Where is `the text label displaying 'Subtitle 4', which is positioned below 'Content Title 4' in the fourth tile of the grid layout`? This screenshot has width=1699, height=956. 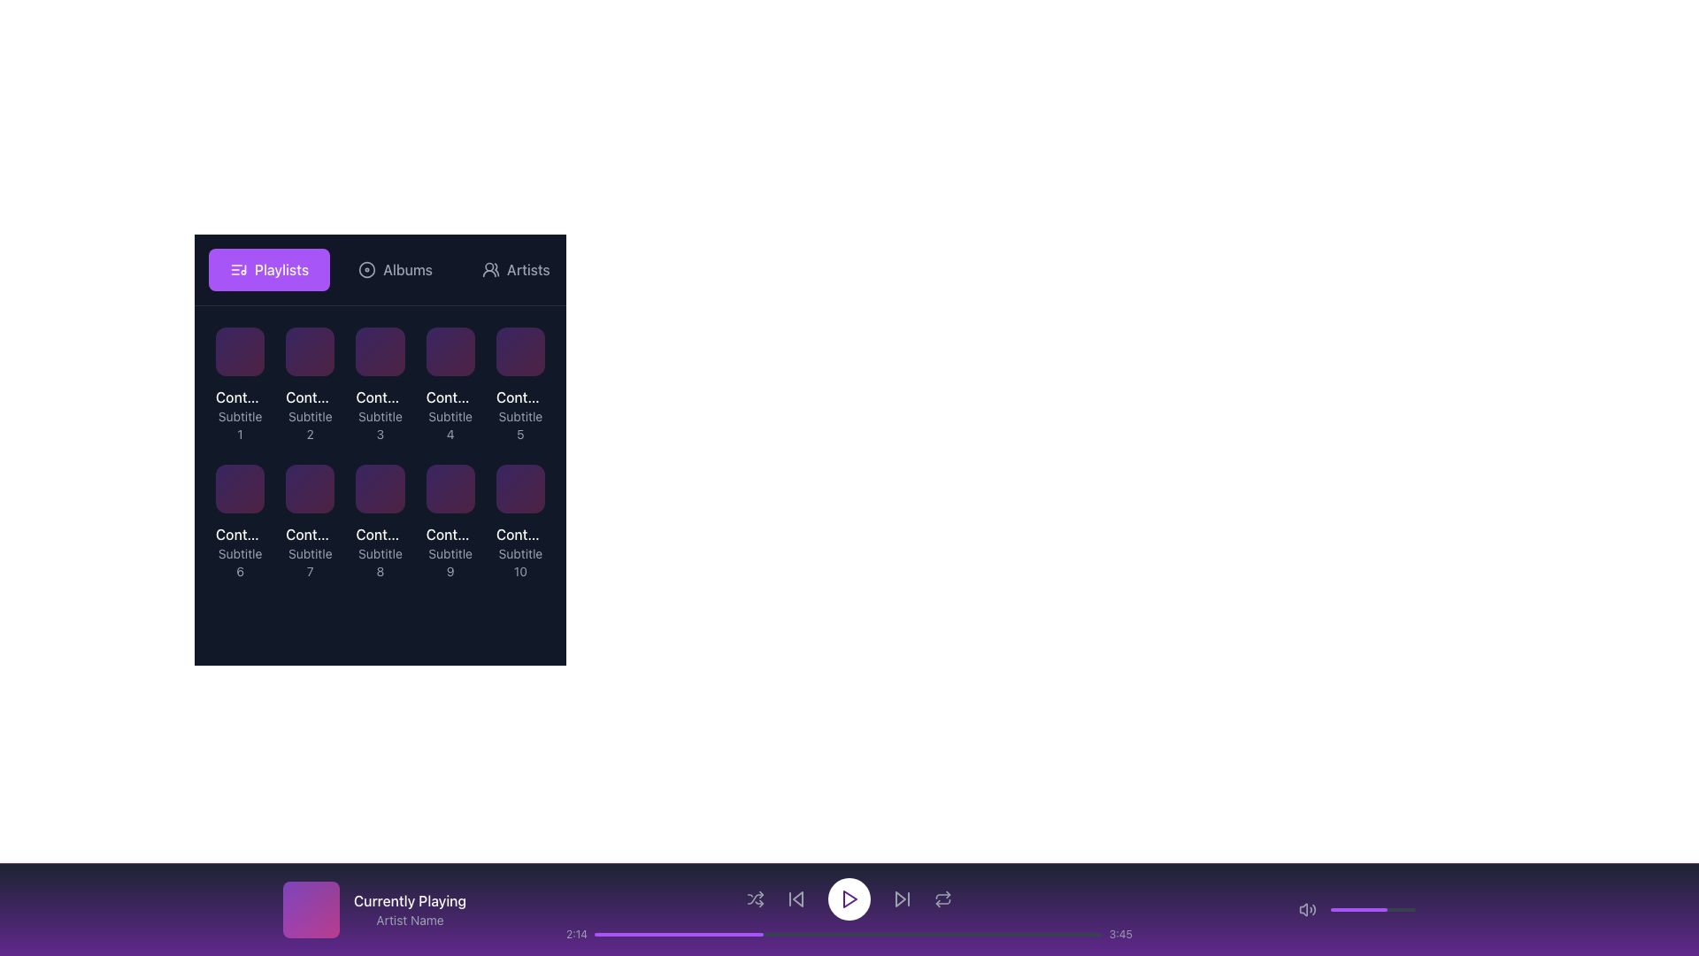 the text label displaying 'Subtitle 4', which is positioned below 'Content Title 4' in the fourth tile of the grid layout is located at coordinates (450, 426).